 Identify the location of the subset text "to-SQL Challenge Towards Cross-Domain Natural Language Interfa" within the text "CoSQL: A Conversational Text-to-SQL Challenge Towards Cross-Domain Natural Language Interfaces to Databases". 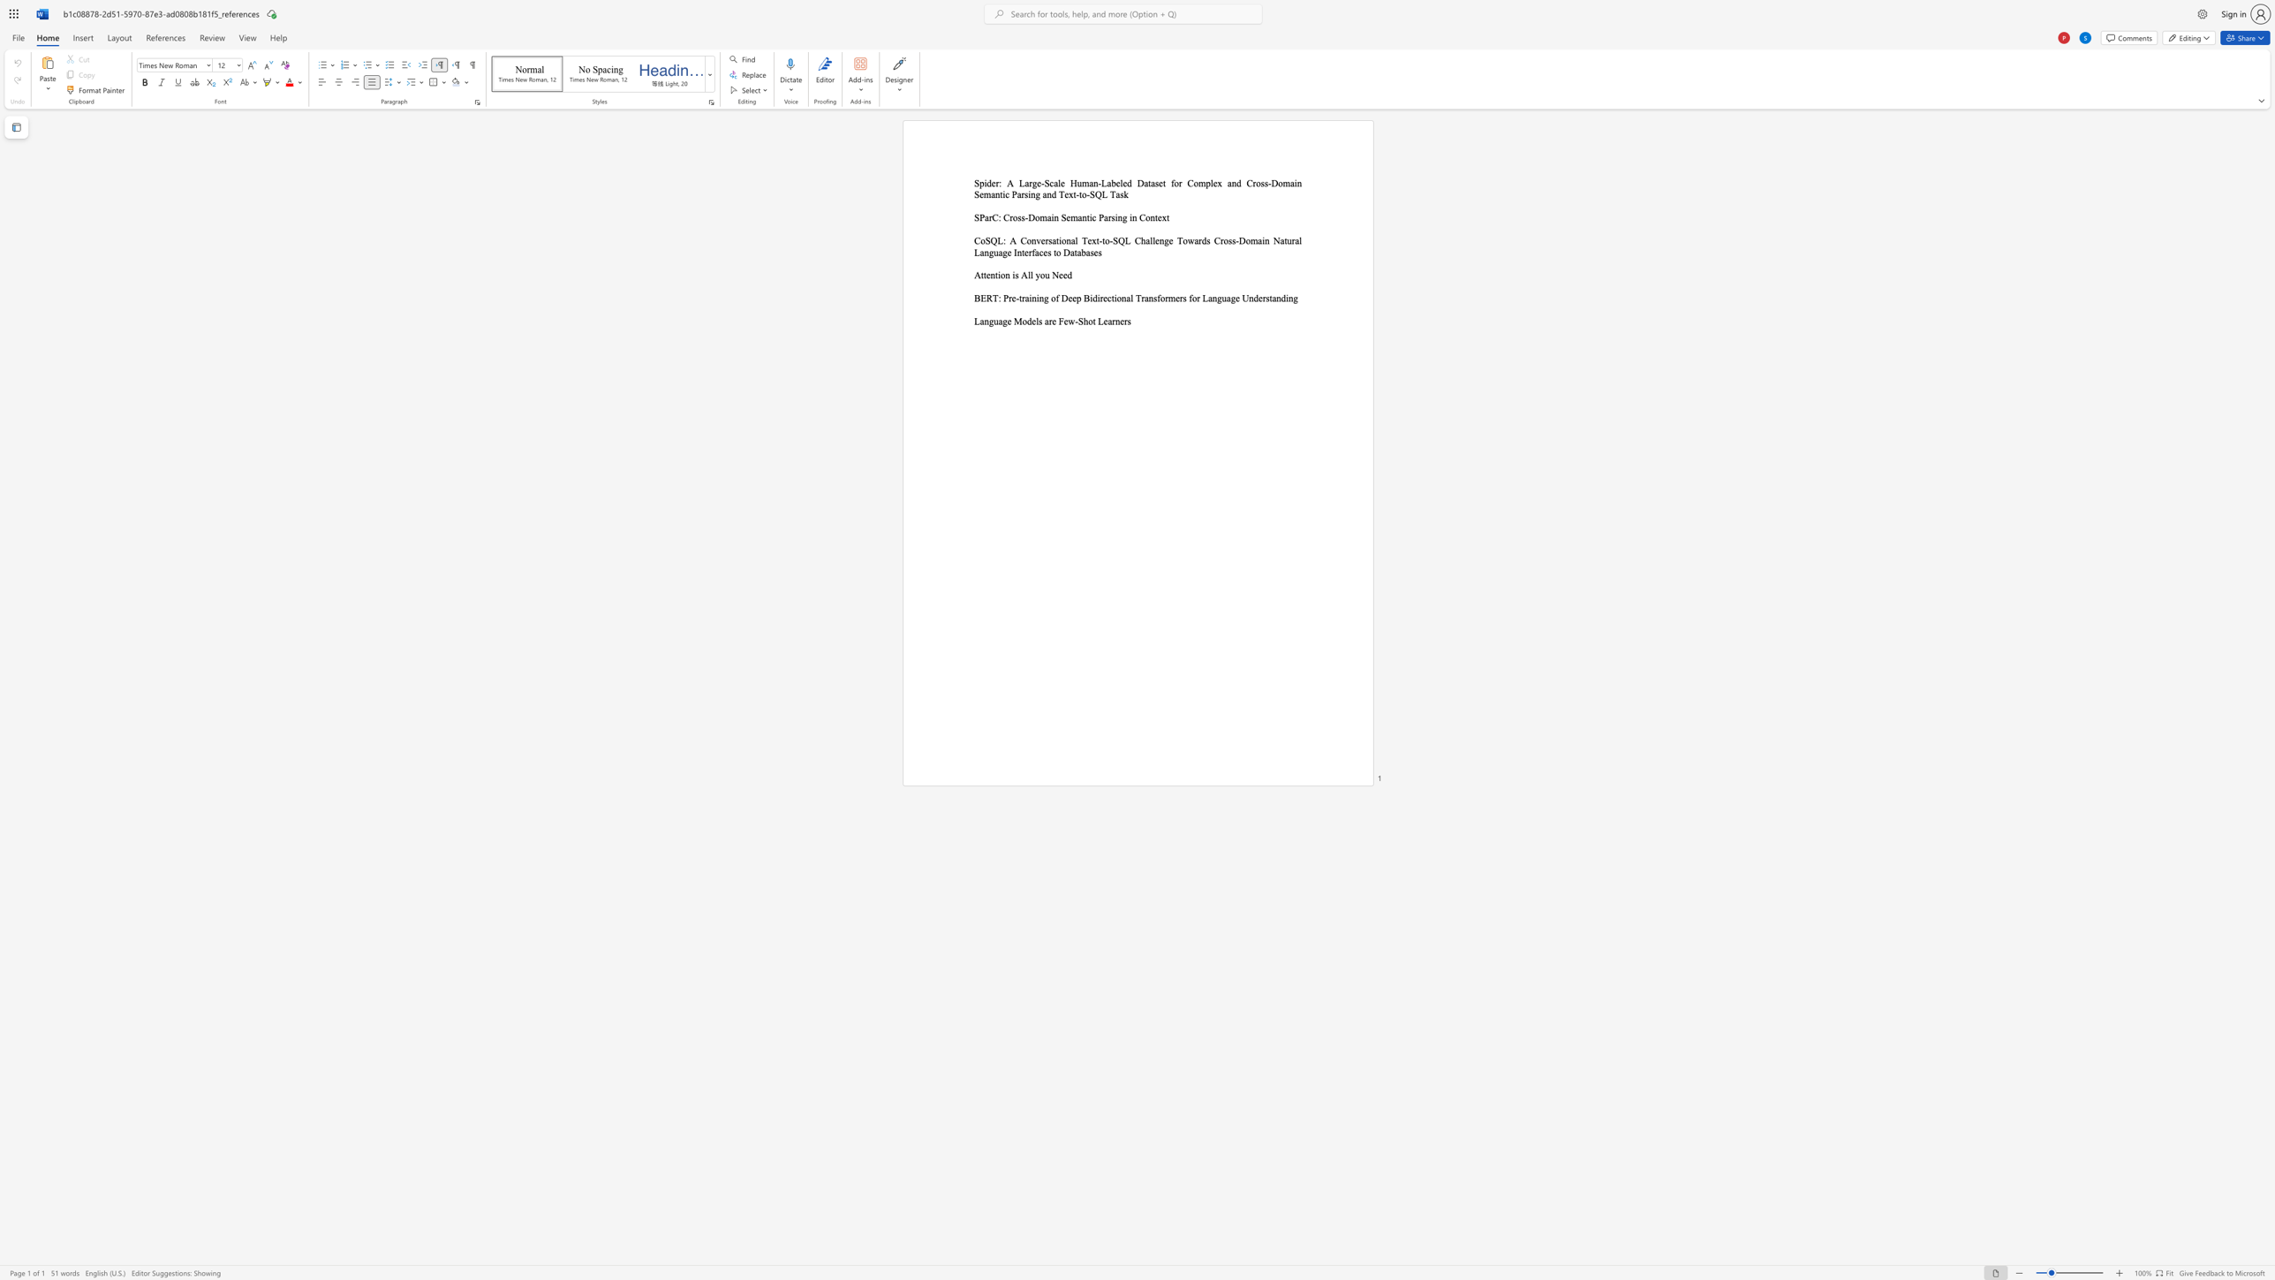
(1100, 239).